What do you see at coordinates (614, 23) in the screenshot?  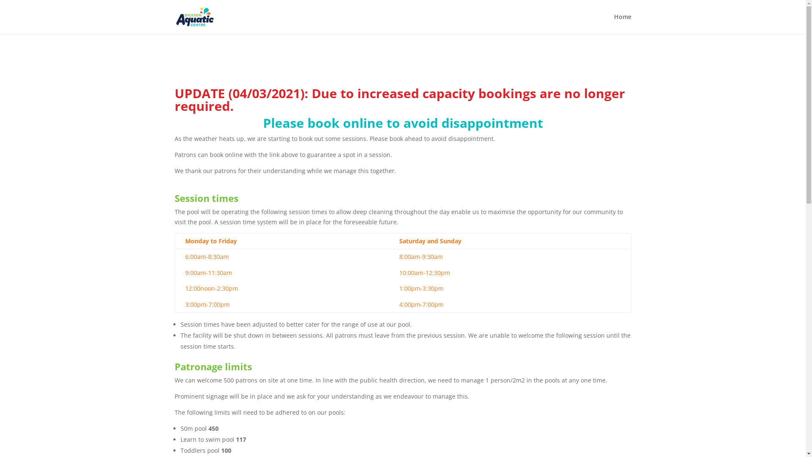 I see `'Home'` at bounding box center [614, 23].